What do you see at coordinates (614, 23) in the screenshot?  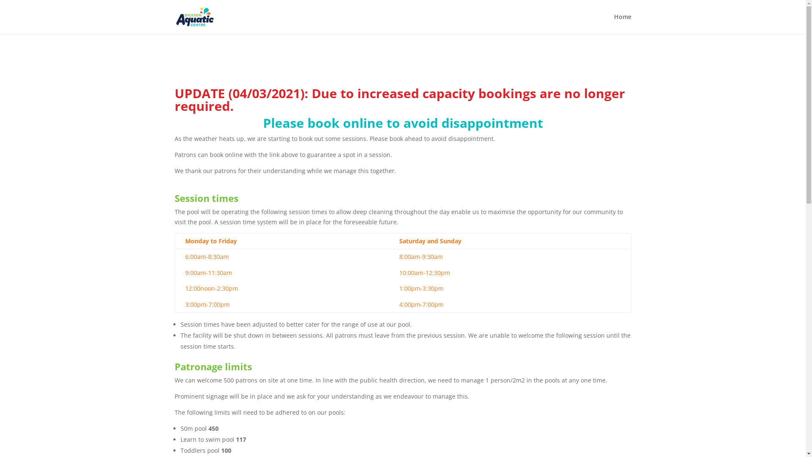 I see `'Home'` at bounding box center [614, 23].